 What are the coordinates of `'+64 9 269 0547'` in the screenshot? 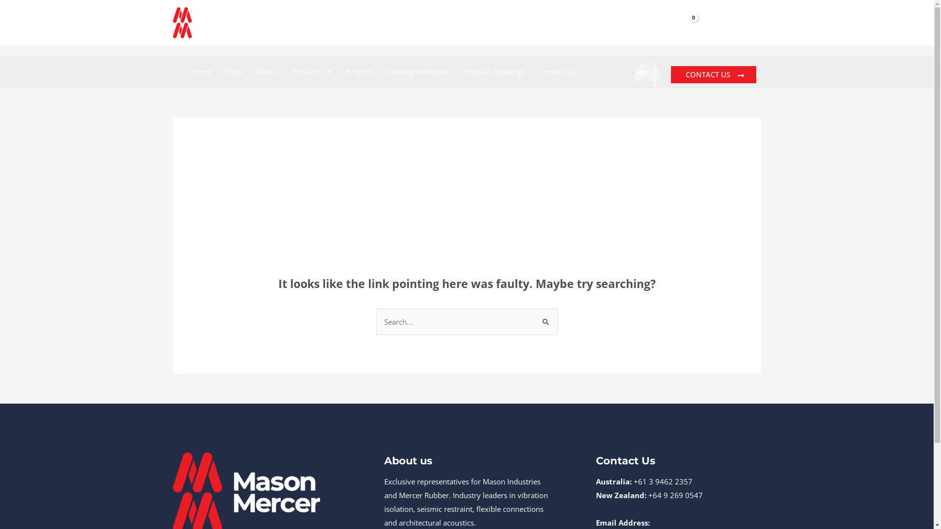 It's located at (674, 495).